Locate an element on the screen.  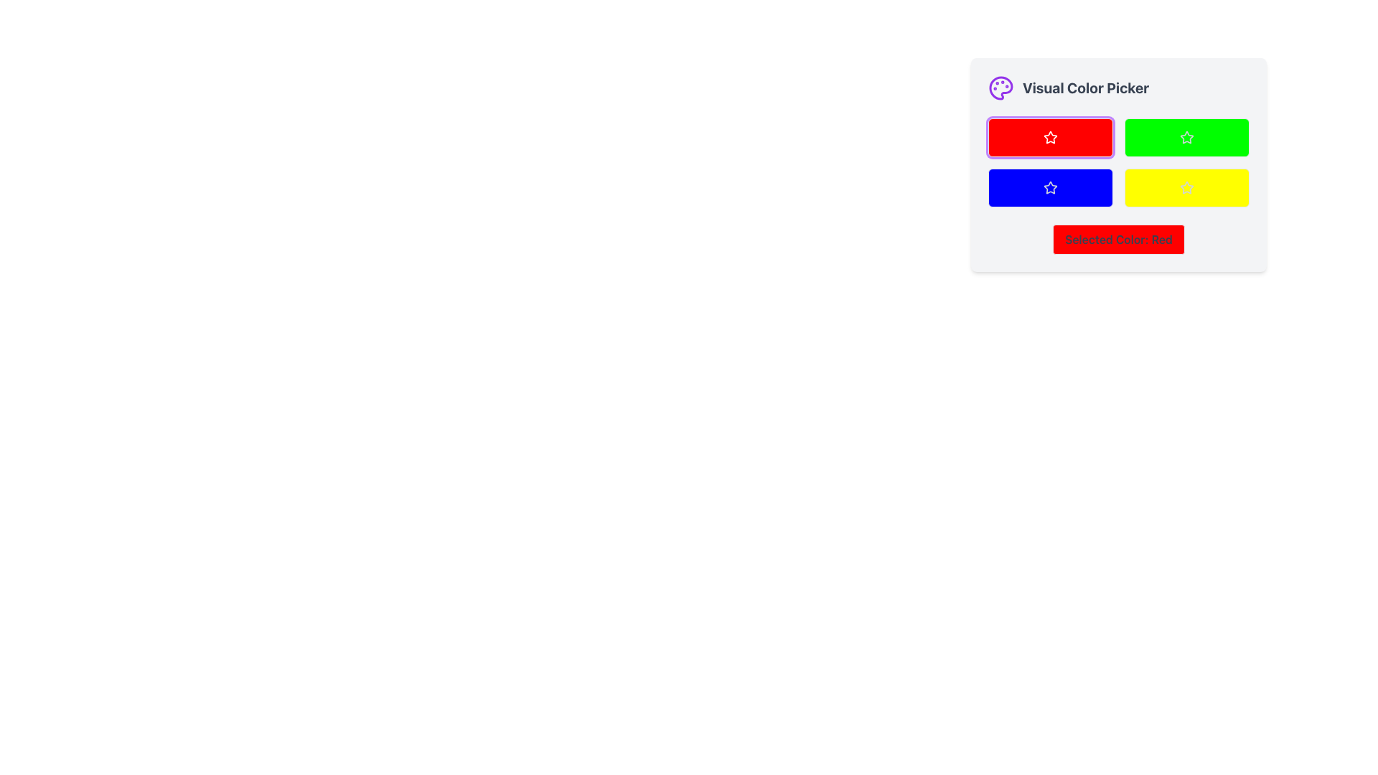
the star icon in the top-left button of the grid layout is located at coordinates (1050, 137).